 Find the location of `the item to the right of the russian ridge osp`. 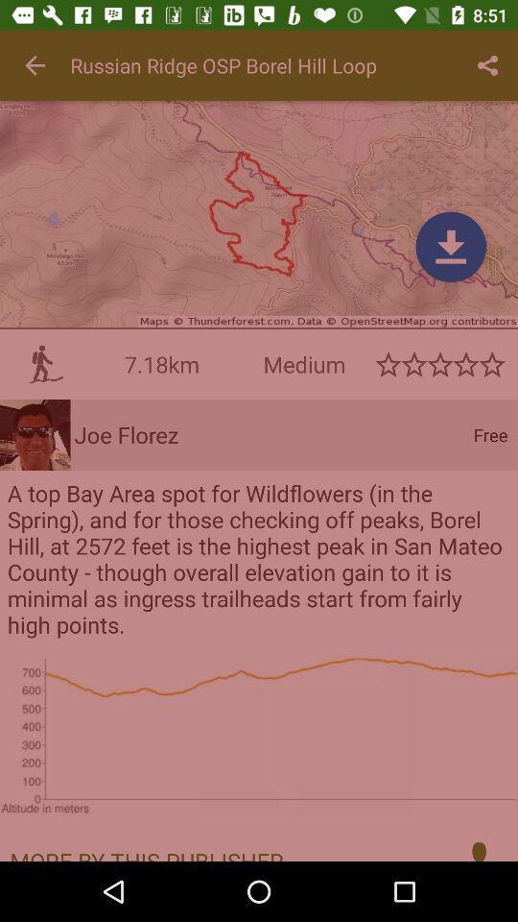

the item to the right of the russian ridge osp is located at coordinates (487, 65).